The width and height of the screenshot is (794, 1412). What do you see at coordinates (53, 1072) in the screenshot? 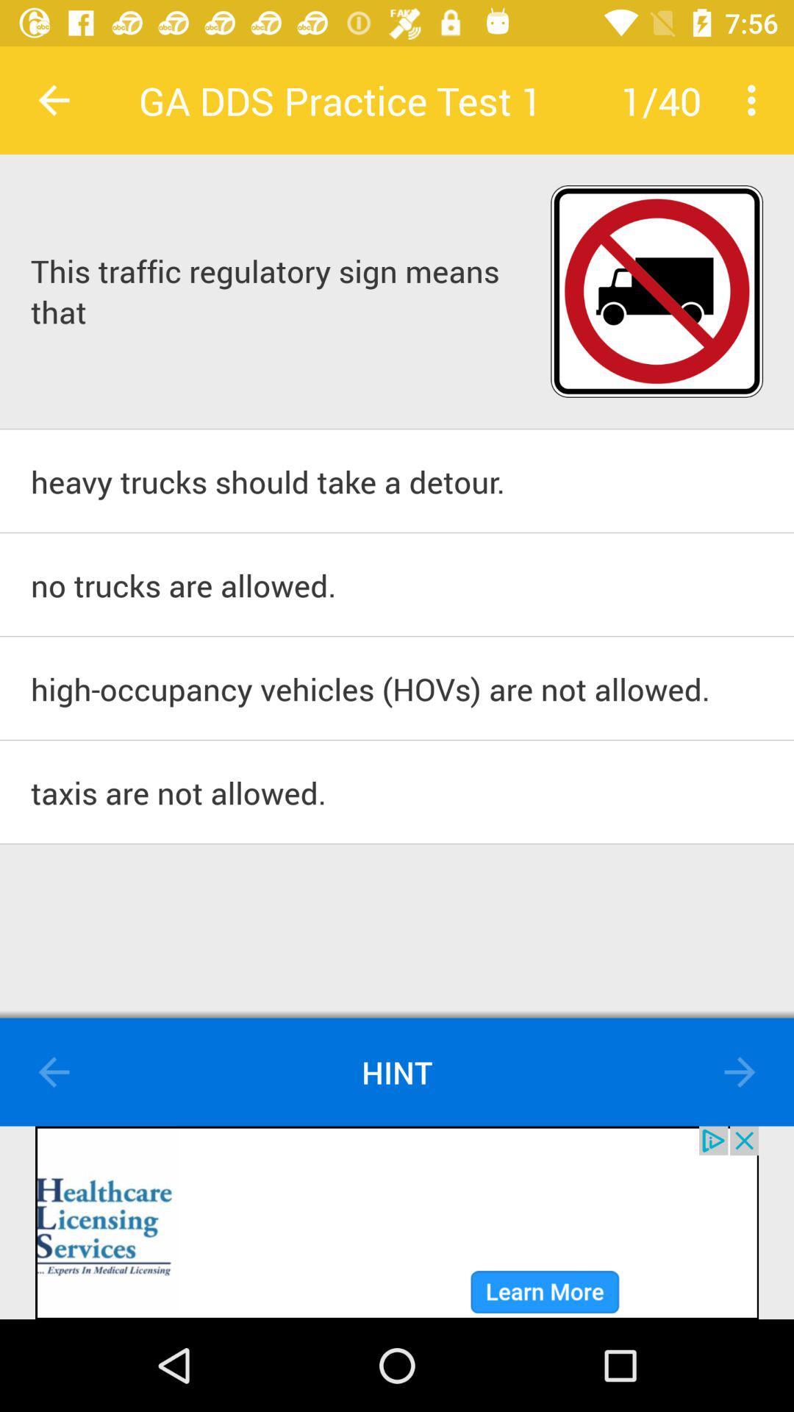
I see `the arrow_backward icon` at bounding box center [53, 1072].